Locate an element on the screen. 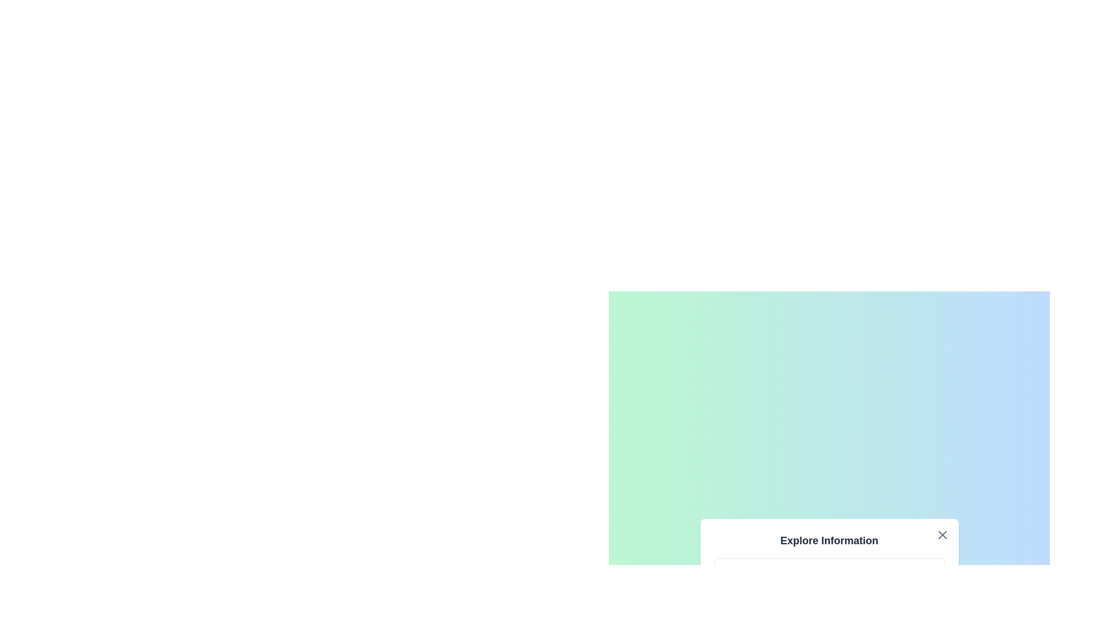  the close button to close the dialog is located at coordinates (942, 535).